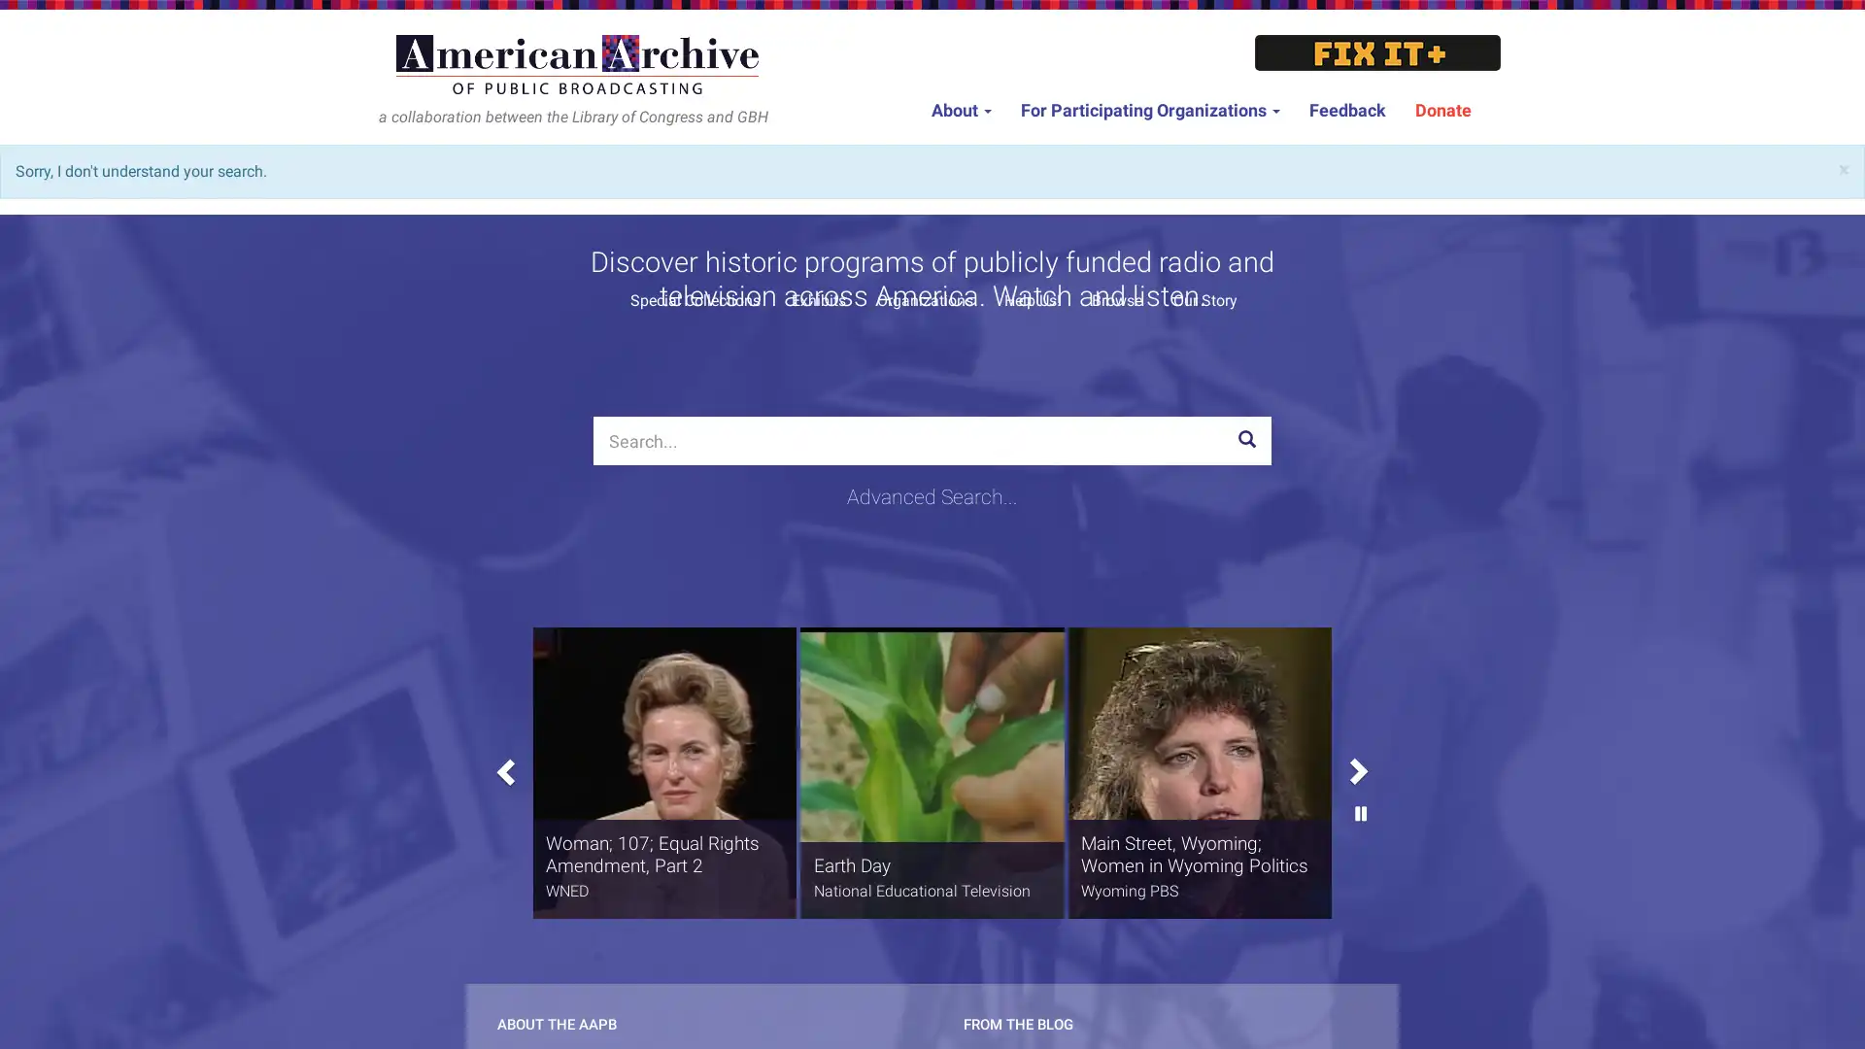  What do you see at coordinates (1150, 111) in the screenshot?
I see `For Participating Organizations` at bounding box center [1150, 111].